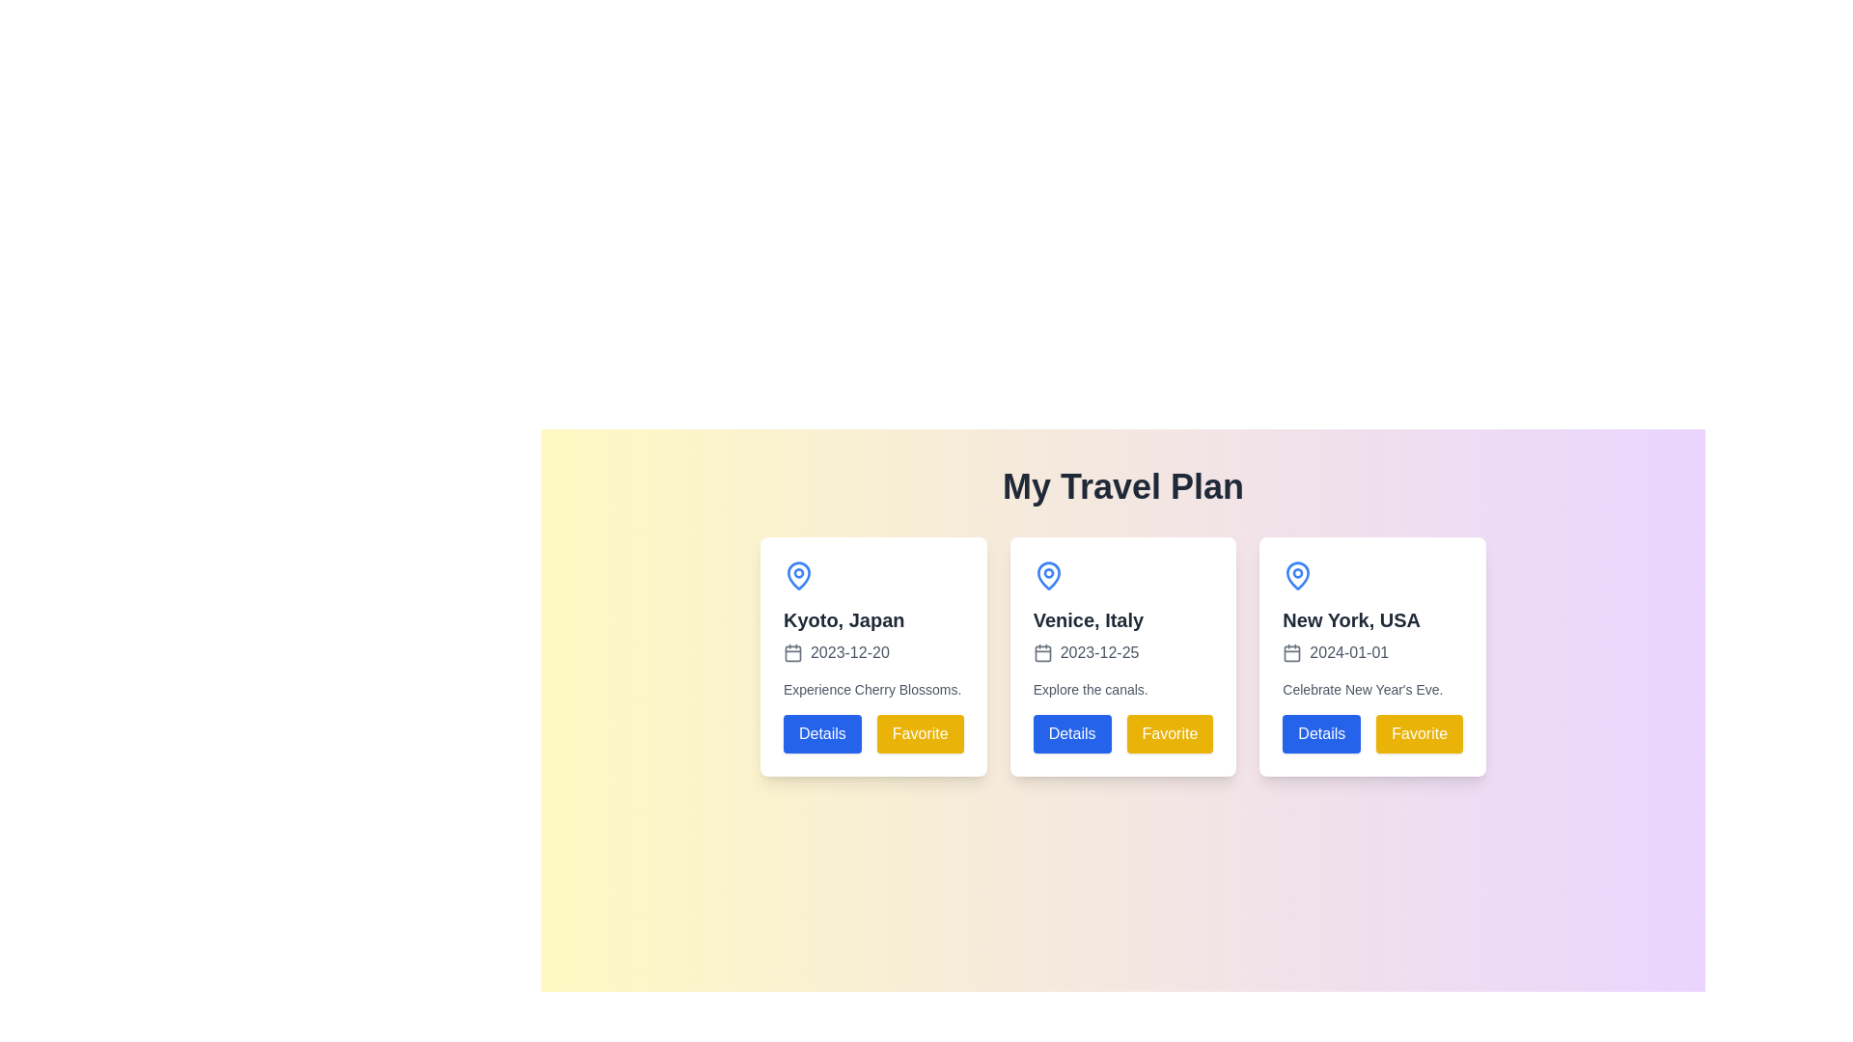  What do you see at coordinates (822, 733) in the screenshot?
I see `the blue button labeled 'Details' with white text` at bounding box center [822, 733].